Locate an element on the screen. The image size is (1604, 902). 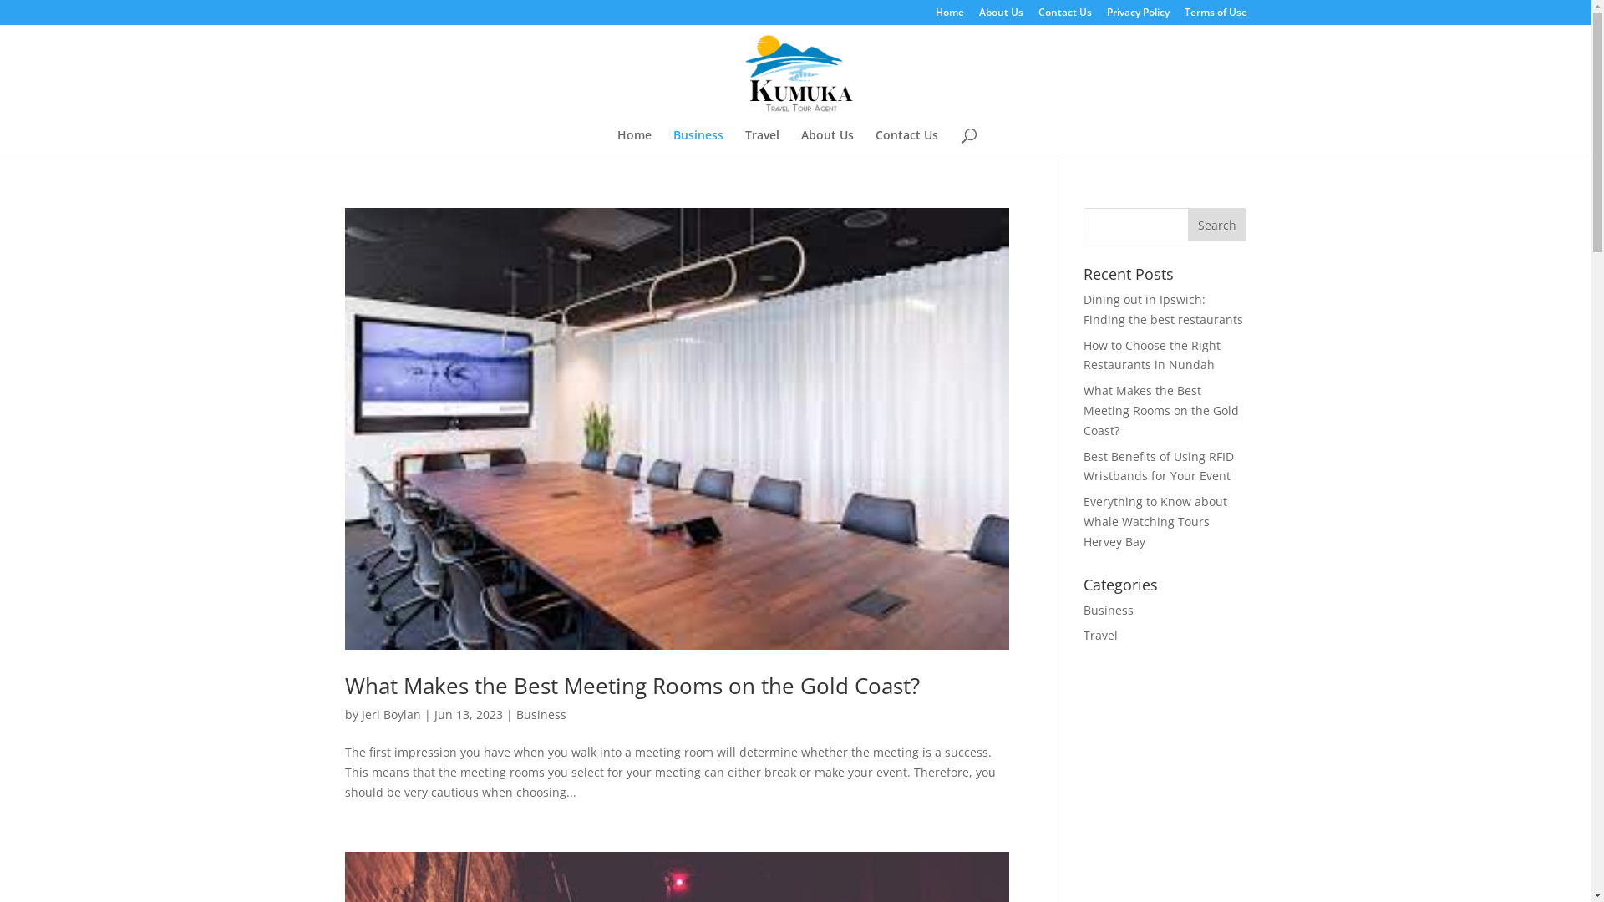
'Everything to Know about Whale Watching Tours Hervey Bay' is located at coordinates (1154, 520).